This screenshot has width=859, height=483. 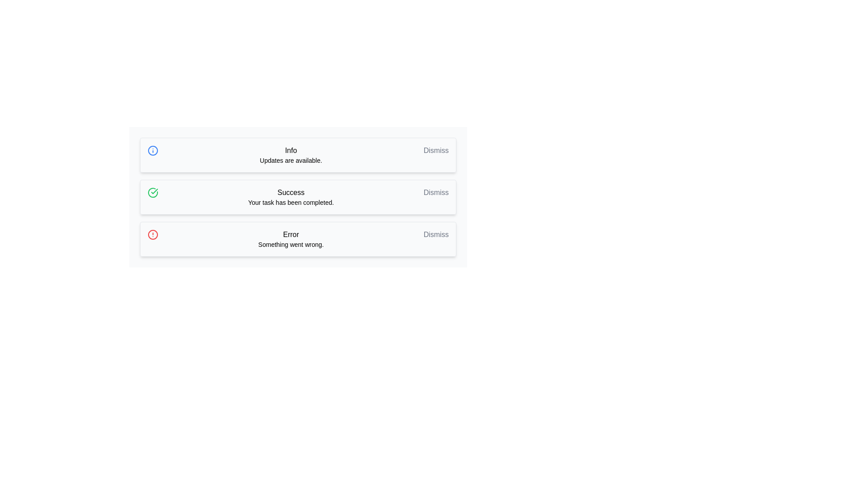 What do you see at coordinates (291, 160) in the screenshot?
I see `the text label stating 'Updates are available.' which is positioned below the bold 'Info' label in the notification panel` at bounding box center [291, 160].